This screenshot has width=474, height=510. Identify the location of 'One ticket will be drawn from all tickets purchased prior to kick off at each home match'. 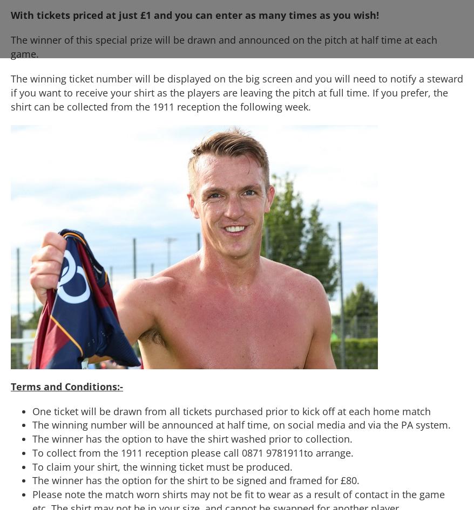
(231, 410).